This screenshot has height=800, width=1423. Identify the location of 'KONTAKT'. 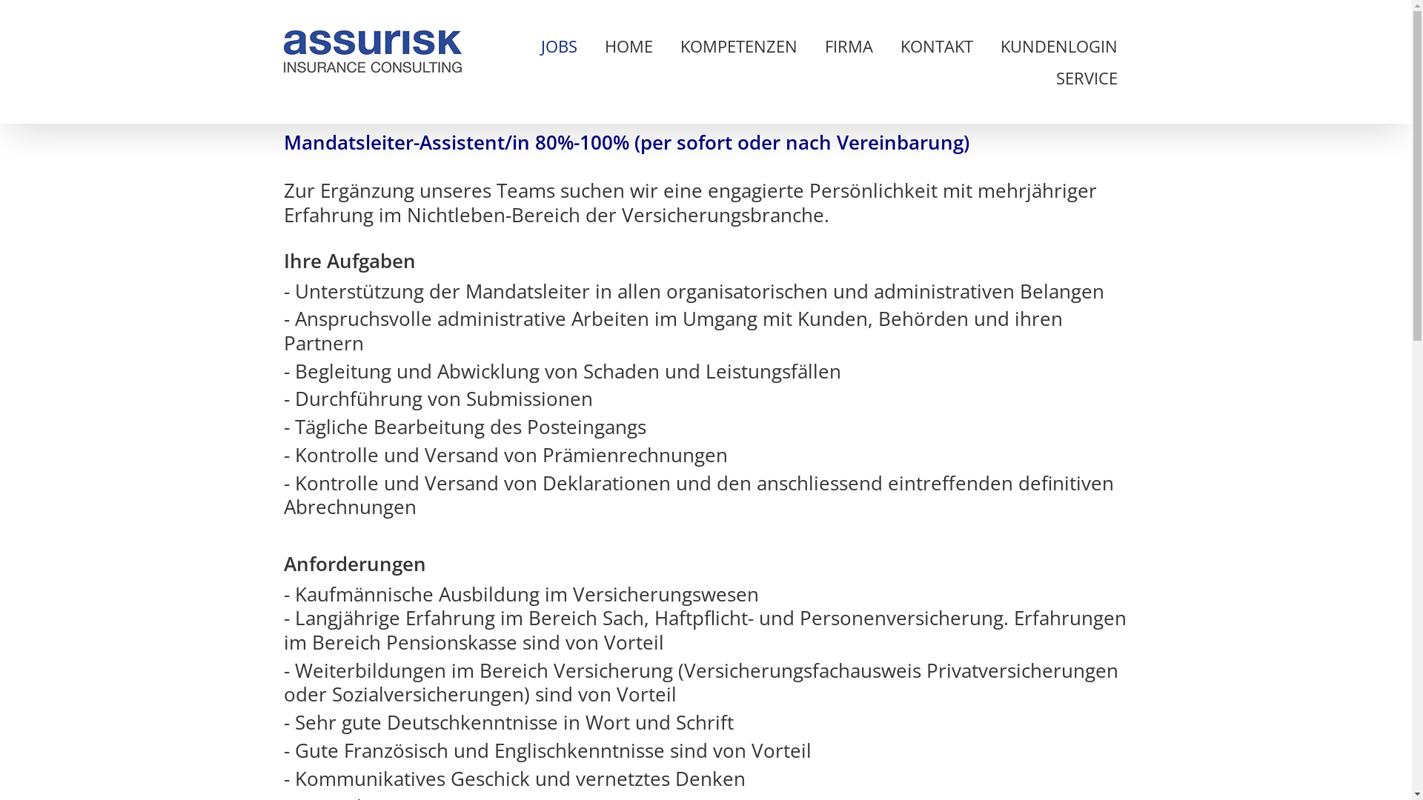
(935, 45).